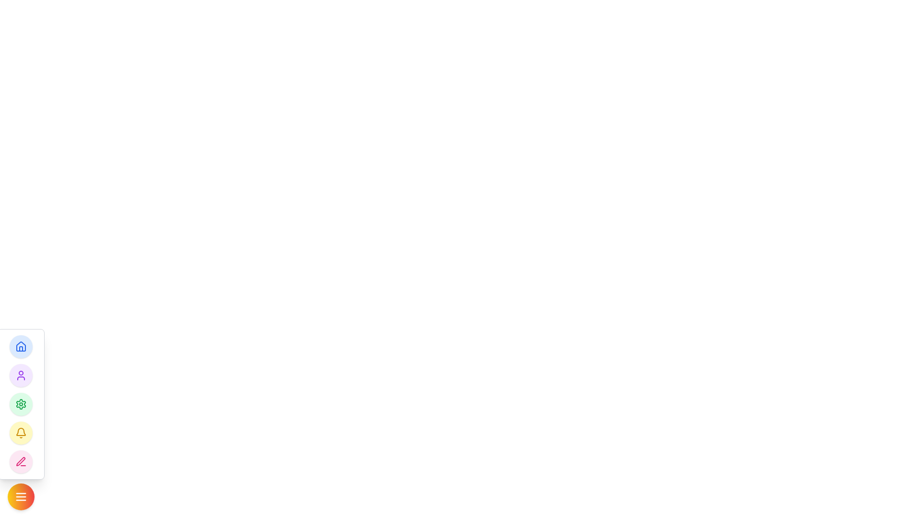 The width and height of the screenshot is (921, 518). I want to click on the second circular button in the sidebar menu, located below the blue house icon, so click(21, 375).